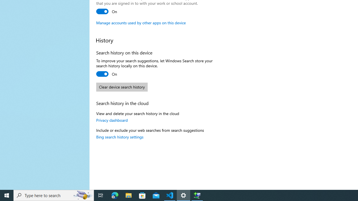 The height and width of the screenshot is (201, 358). What do you see at coordinates (107, 73) in the screenshot?
I see `'Search history on this device'` at bounding box center [107, 73].